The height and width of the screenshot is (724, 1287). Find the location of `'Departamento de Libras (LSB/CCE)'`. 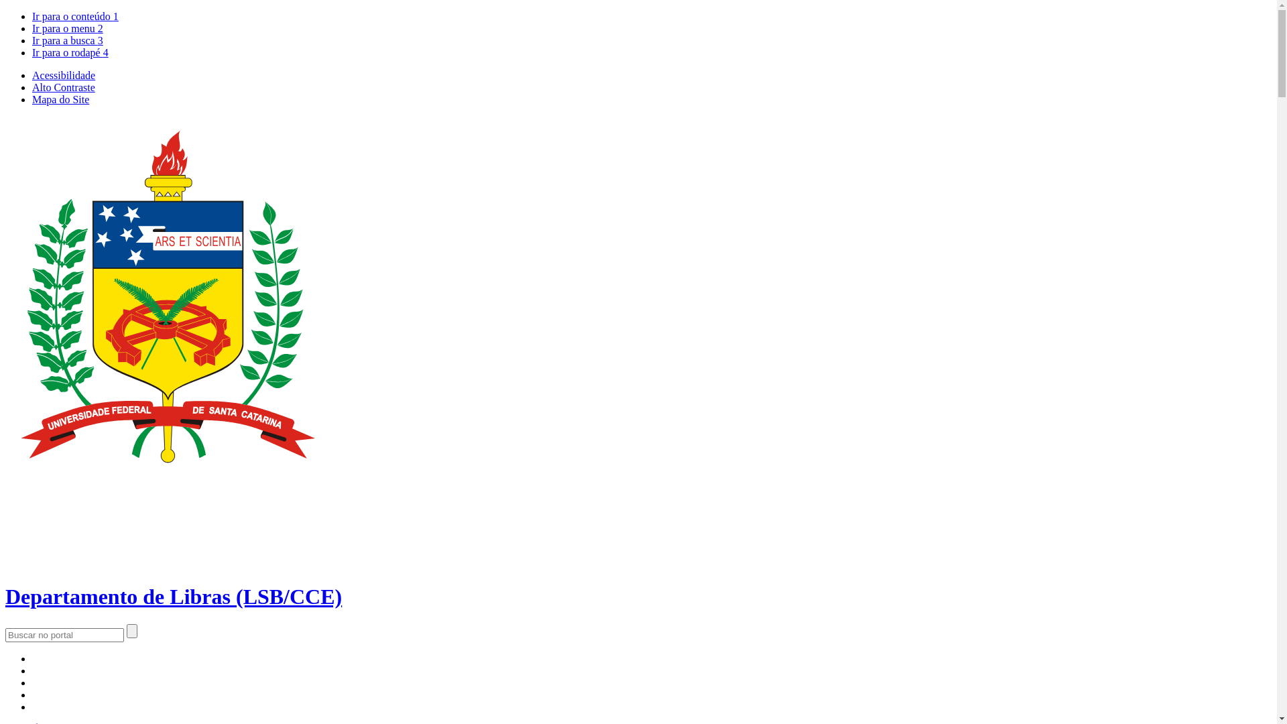

'Departamento de Libras (LSB/CCE)' is located at coordinates (637, 583).